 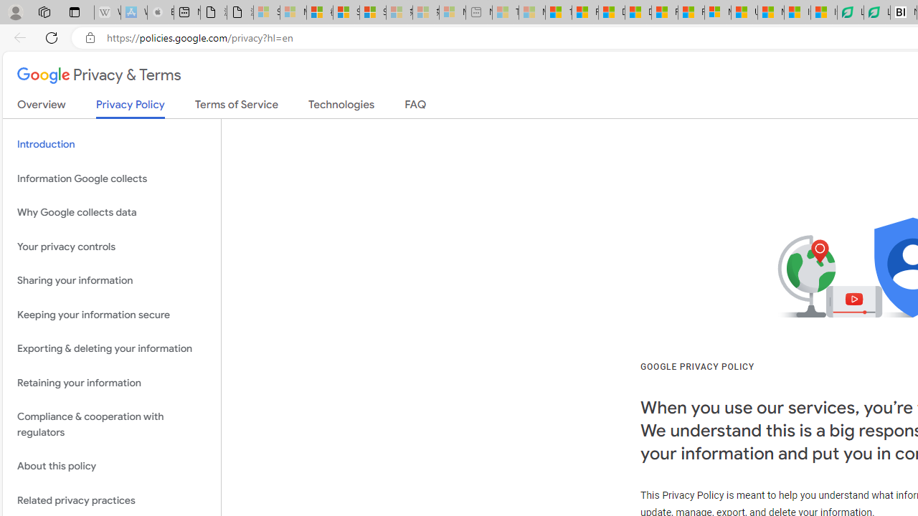 I want to click on 'Marine life - MSN - Sleeping', so click(x=531, y=12).